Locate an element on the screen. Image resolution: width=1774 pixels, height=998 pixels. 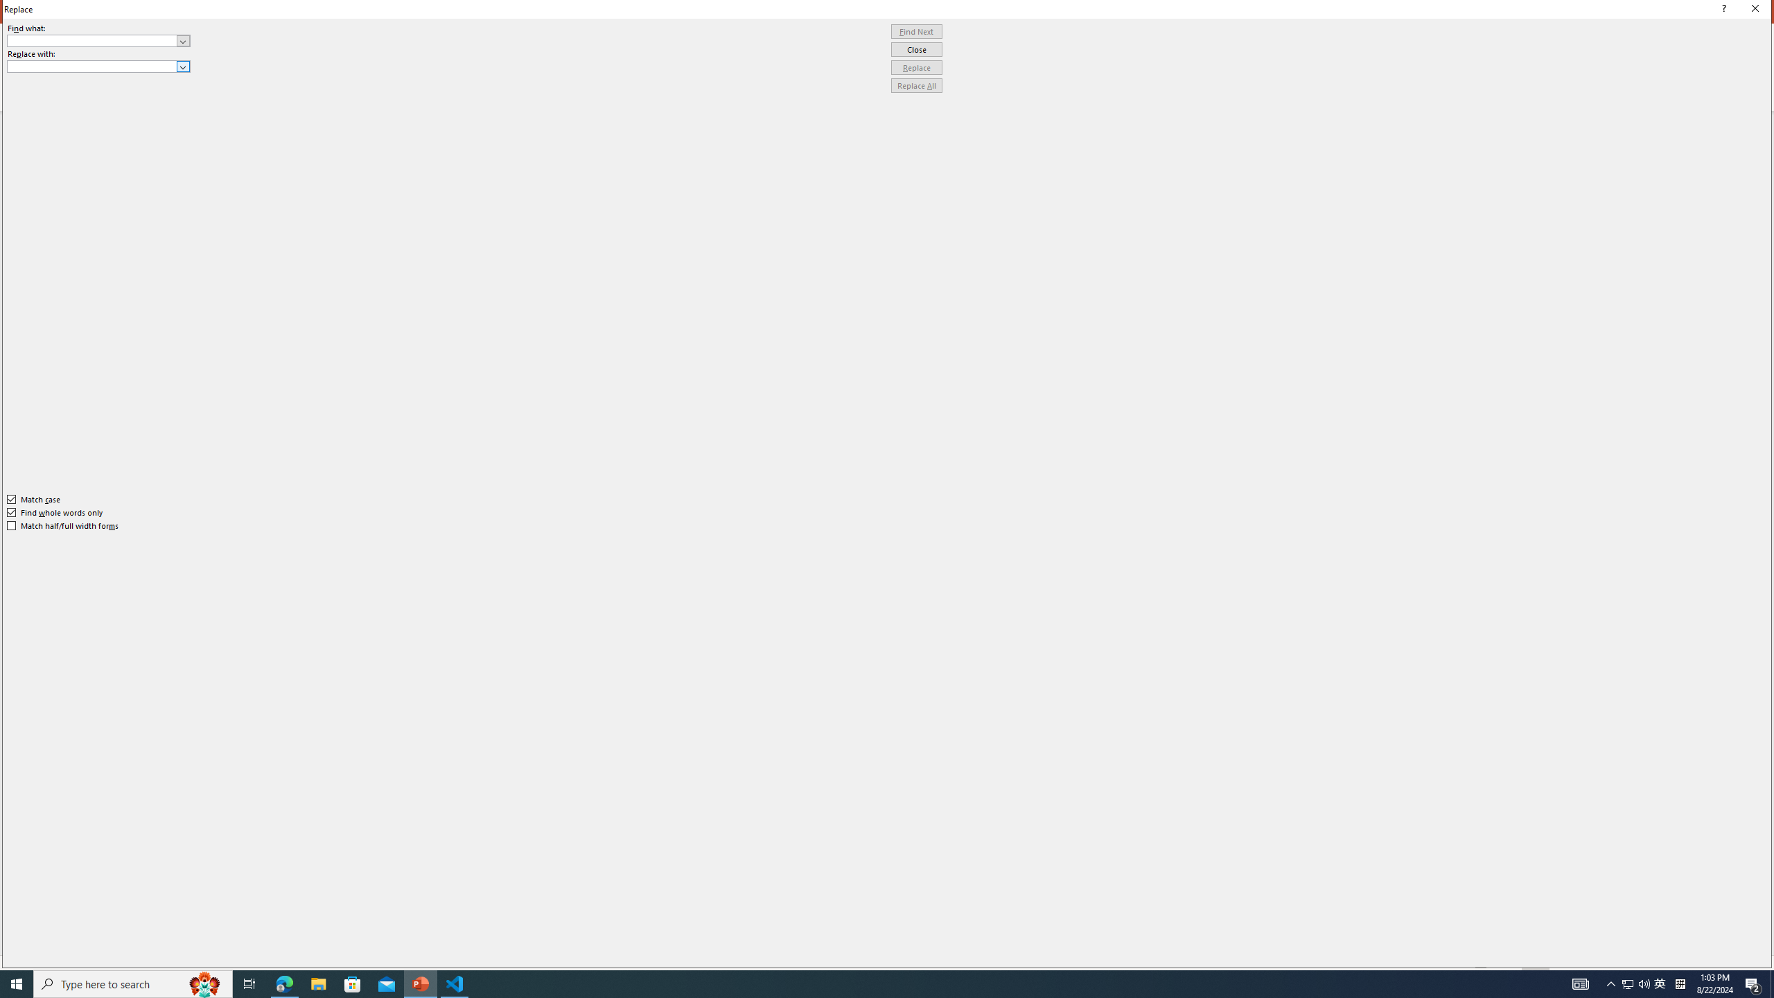
'Match case' is located at coordinates (33, 499).